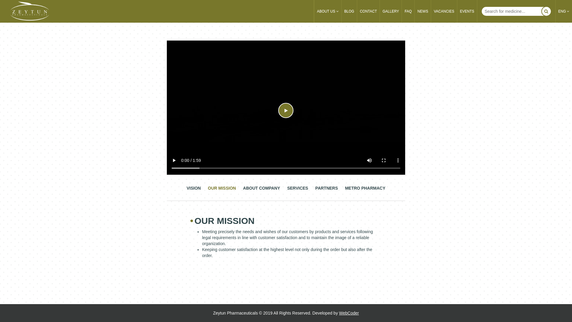  What do you see at coordinates (221, 191) in the screenshot?
I see `'OUR MISSION'` at bounding box center [221, 191].